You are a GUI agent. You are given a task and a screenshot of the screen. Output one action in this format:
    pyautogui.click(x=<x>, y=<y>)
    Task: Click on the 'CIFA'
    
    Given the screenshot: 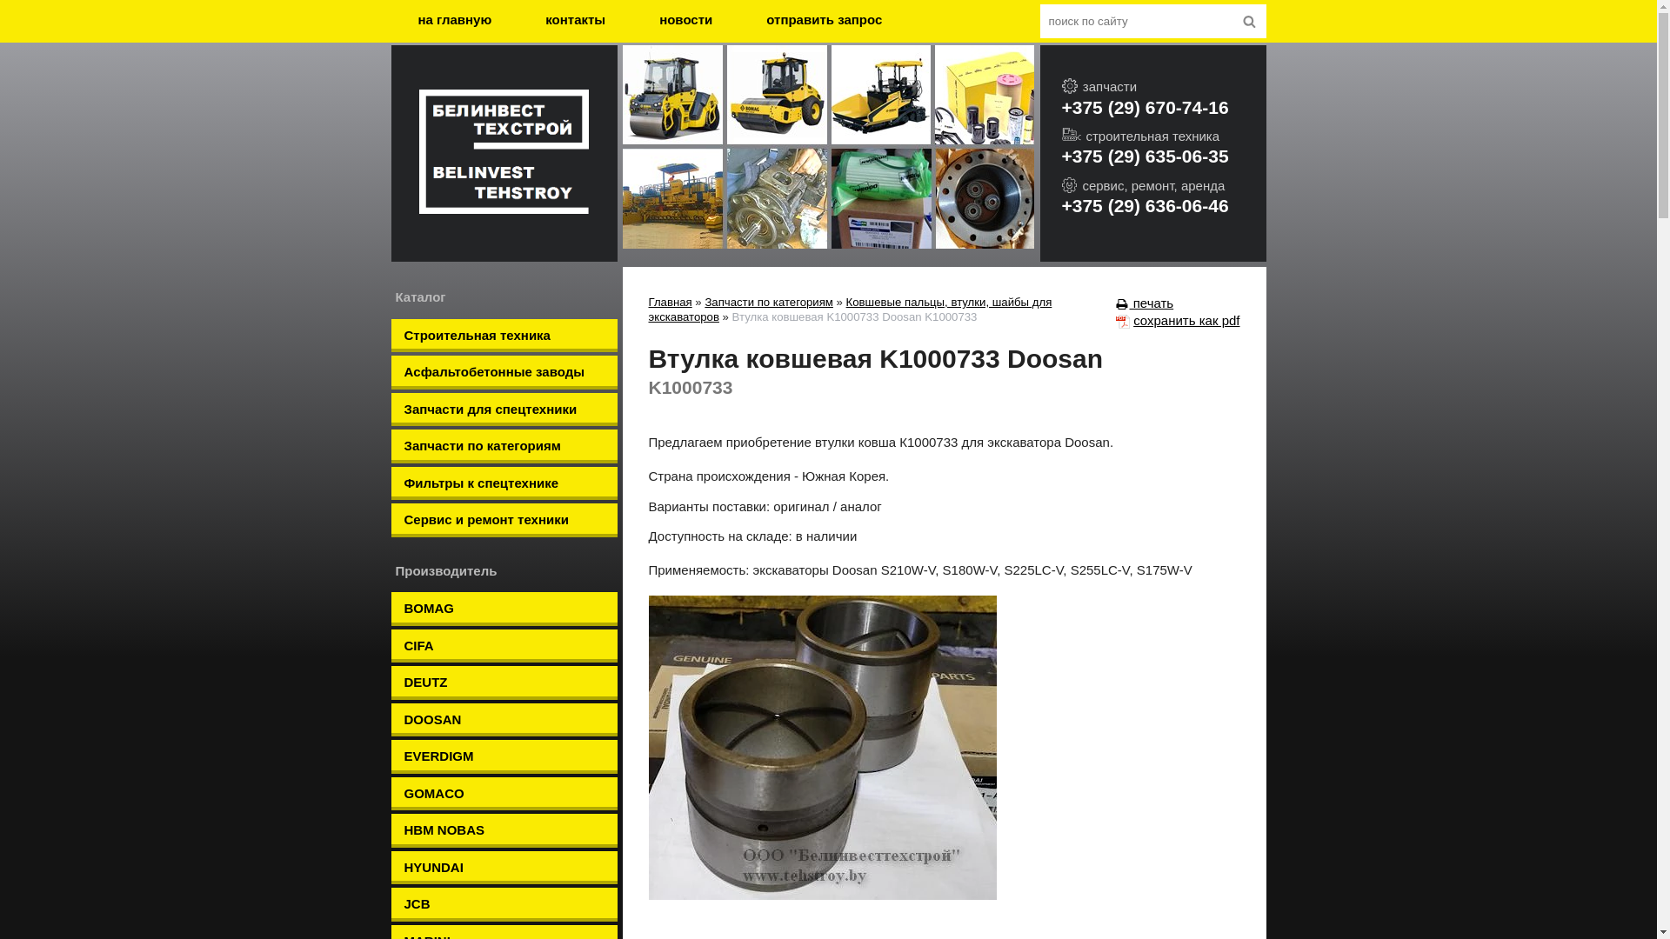 What is the action you would take?
    pyautogui.click(x=504, y=646)
    